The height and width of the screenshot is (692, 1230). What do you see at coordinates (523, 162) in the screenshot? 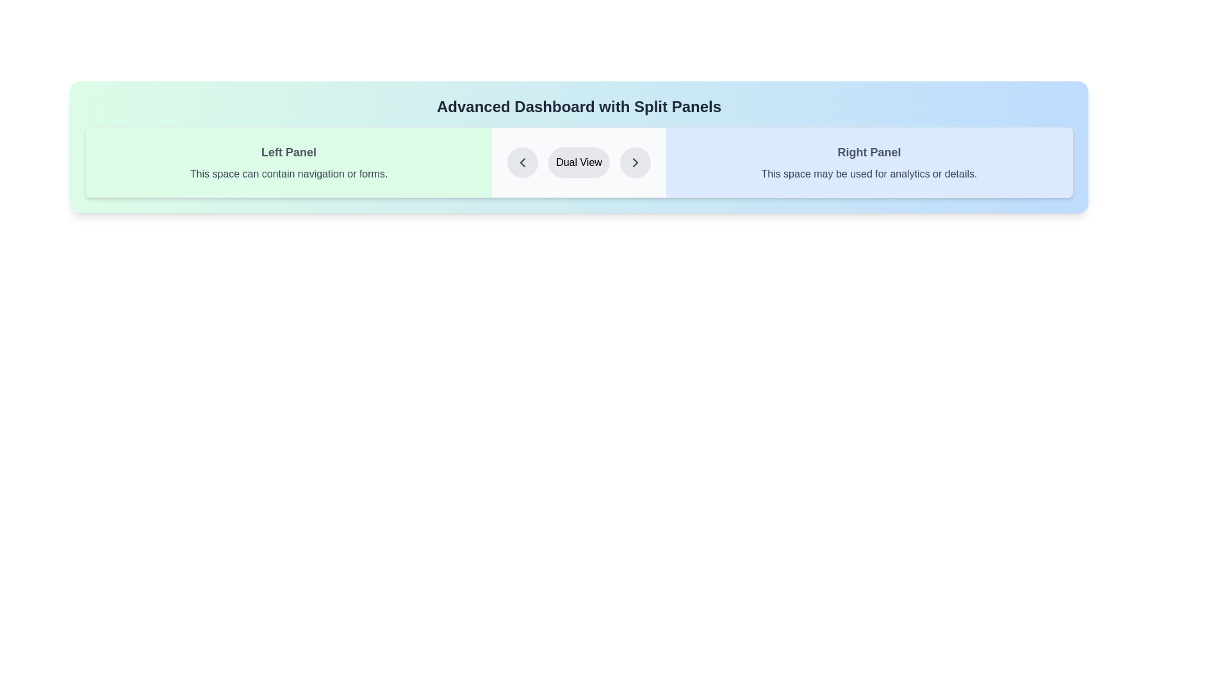
I see `the keyboard navigation on the Icon inside the button that represents a back action, located in the top navigation bar between the 'Left Panel' and 'Right Panel' areas` at bounding box center [523, 162].